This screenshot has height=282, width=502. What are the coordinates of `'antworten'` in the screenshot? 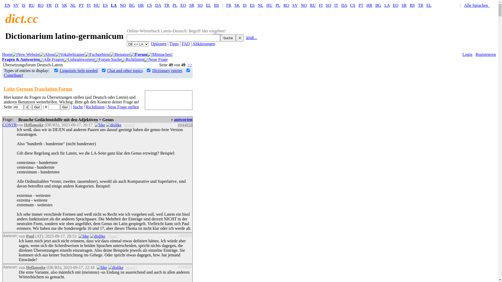 It's located at (183, 119).